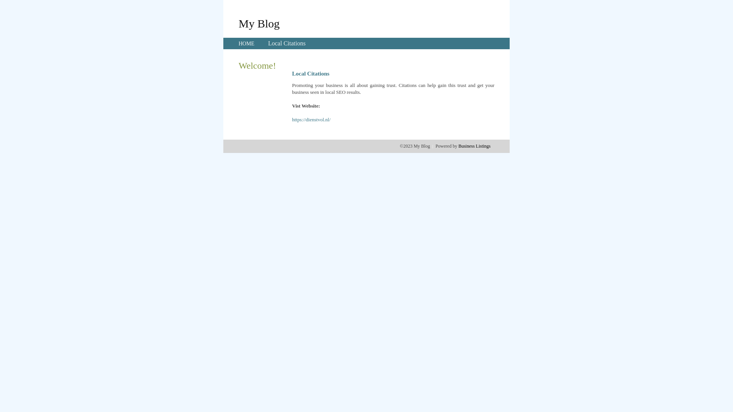 The height and width of the screenshot is (412, 733). Describe the element at coordinates (259, 23) in the screenshot. I see `'My Blog'` at that location.